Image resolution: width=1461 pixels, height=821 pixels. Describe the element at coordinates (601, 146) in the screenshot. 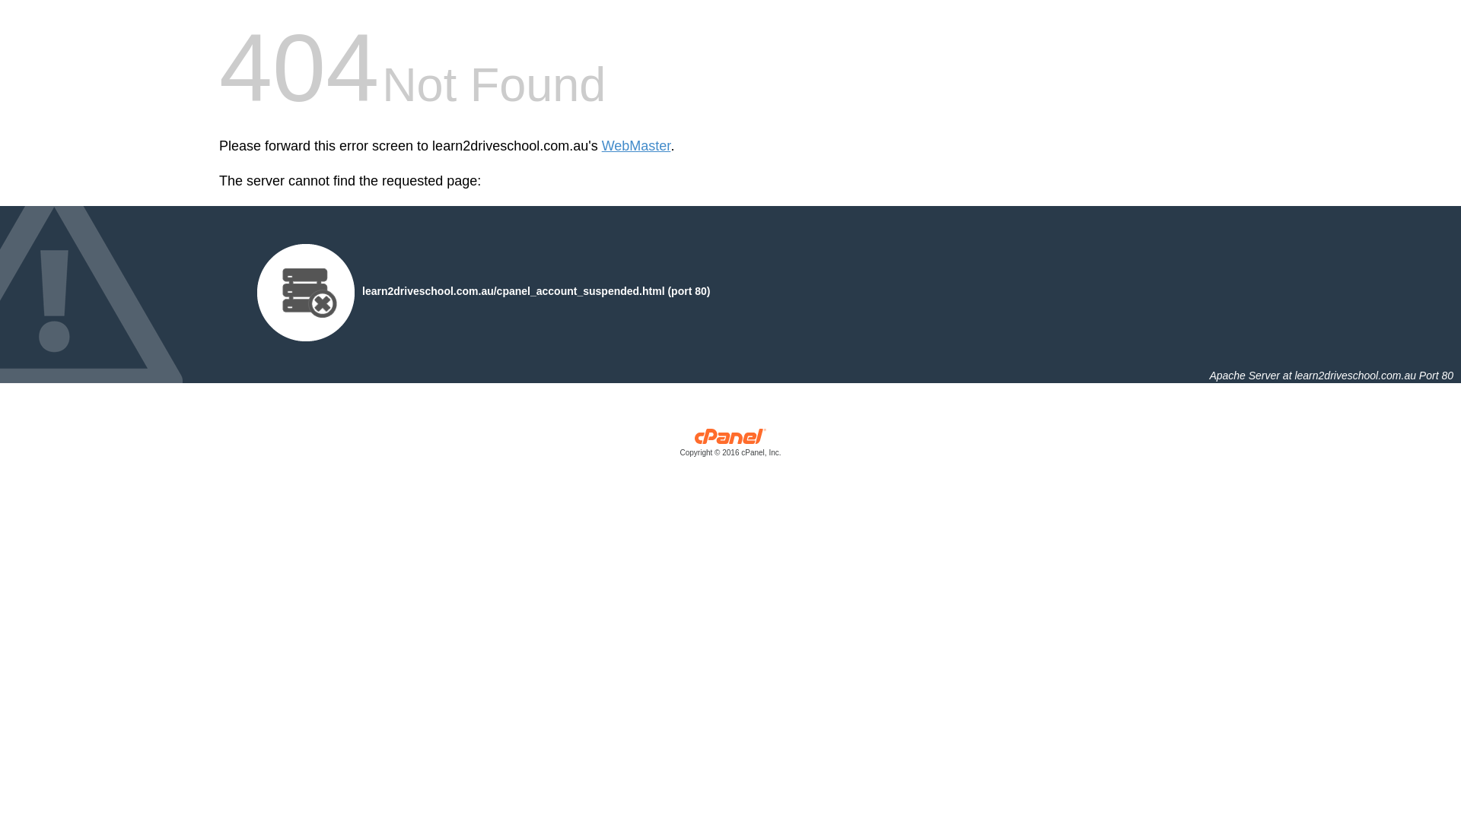

I see `'WebMaster'` at that location.